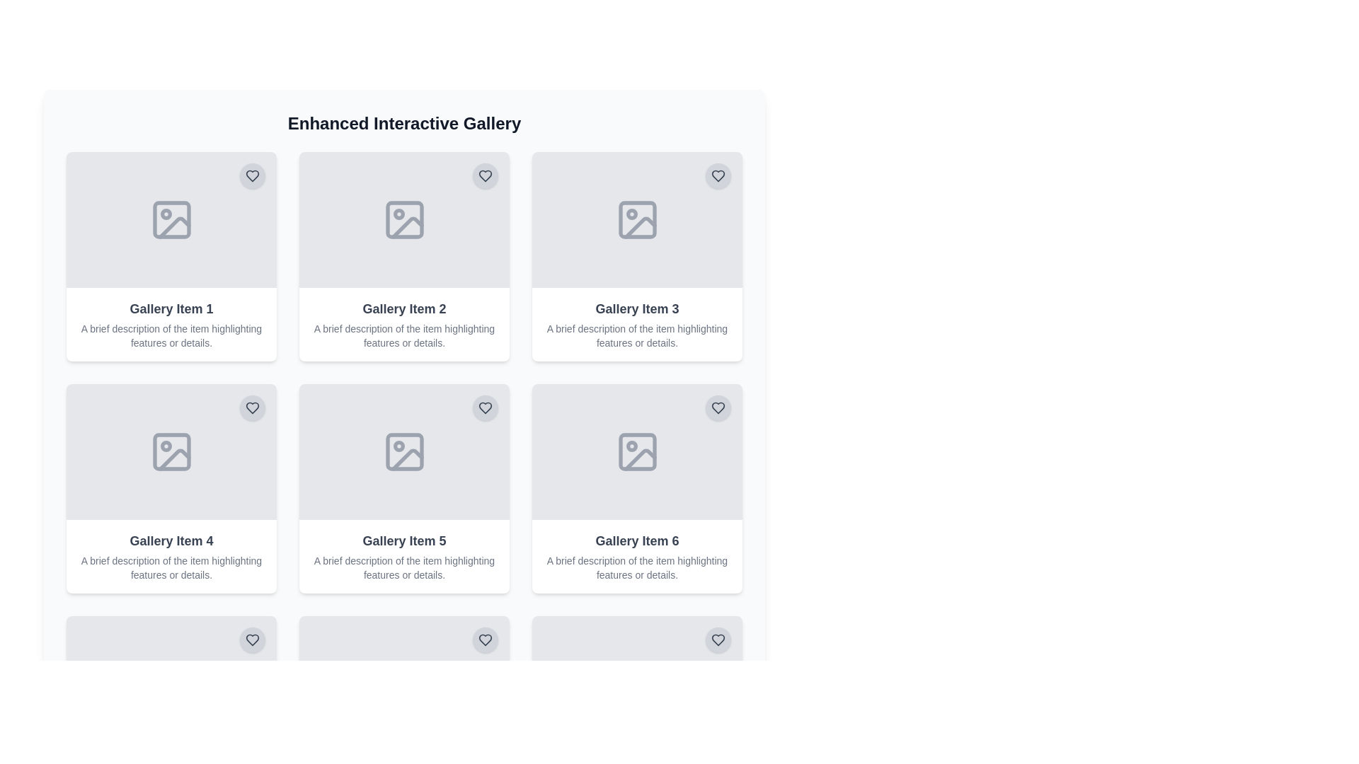 The height and width of the screenshot is (764, 1359). I want to click on text contained in the title heading of 'Gallery Item 5', which is located in the second row and second column of the gallery grid layout, so click(403, 540).